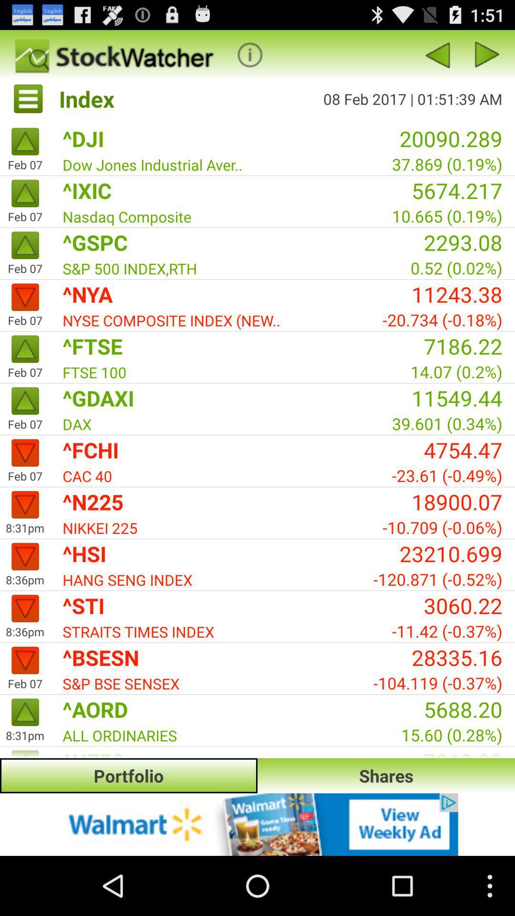  Describe the element at coordinates (249, 54) in the screenshot. I see `button` at that location.